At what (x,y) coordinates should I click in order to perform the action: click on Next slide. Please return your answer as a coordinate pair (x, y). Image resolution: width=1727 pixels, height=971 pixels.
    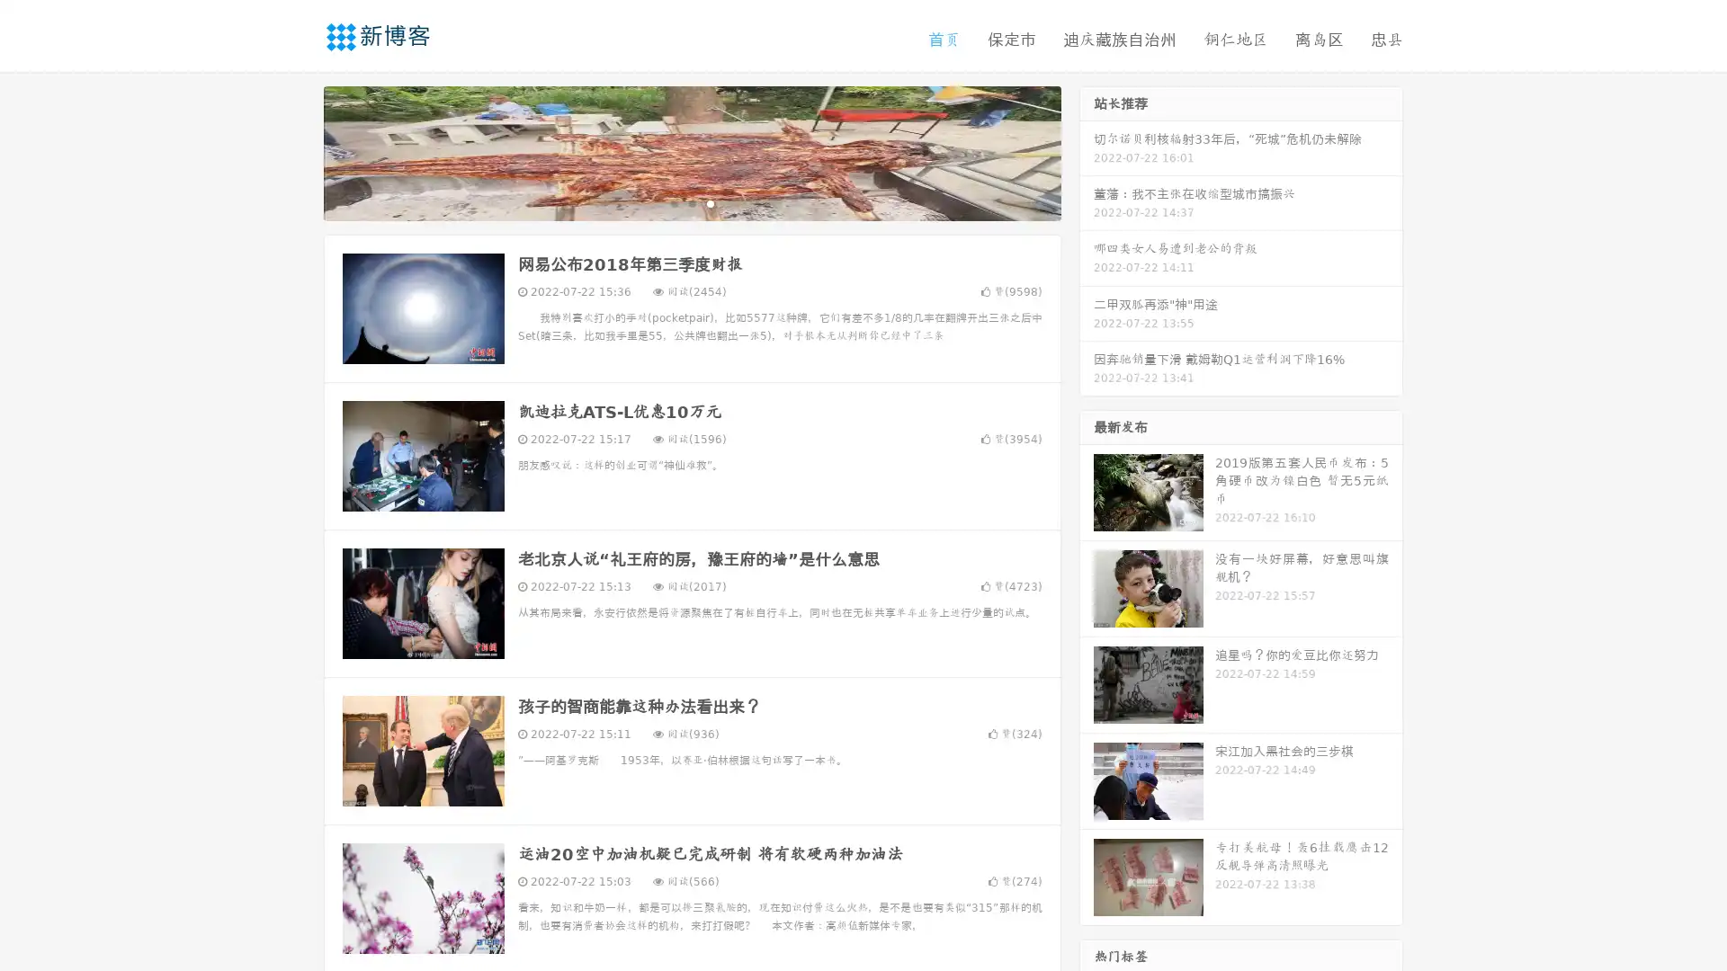
    Looking at the image, I should click on (1087, 151).